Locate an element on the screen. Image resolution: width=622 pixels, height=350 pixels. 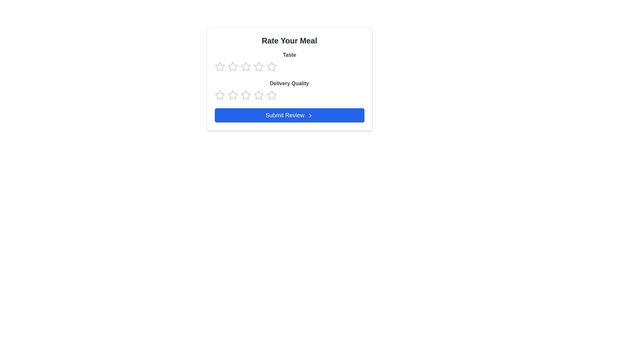
the first star in the second row of rating stars under the 'Delivery Quality' label to indicate a potential rating is located at coordinates (220, 95).